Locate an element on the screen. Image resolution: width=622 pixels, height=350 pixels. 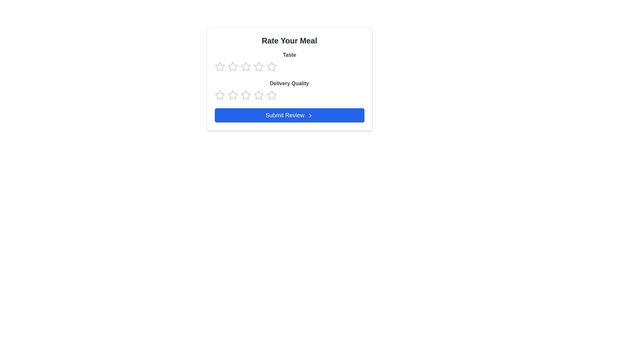
the first star in the second row of rating stars under the 'Delivery Quality' label to indicate a potential rating is located at coordinates (220, 95).